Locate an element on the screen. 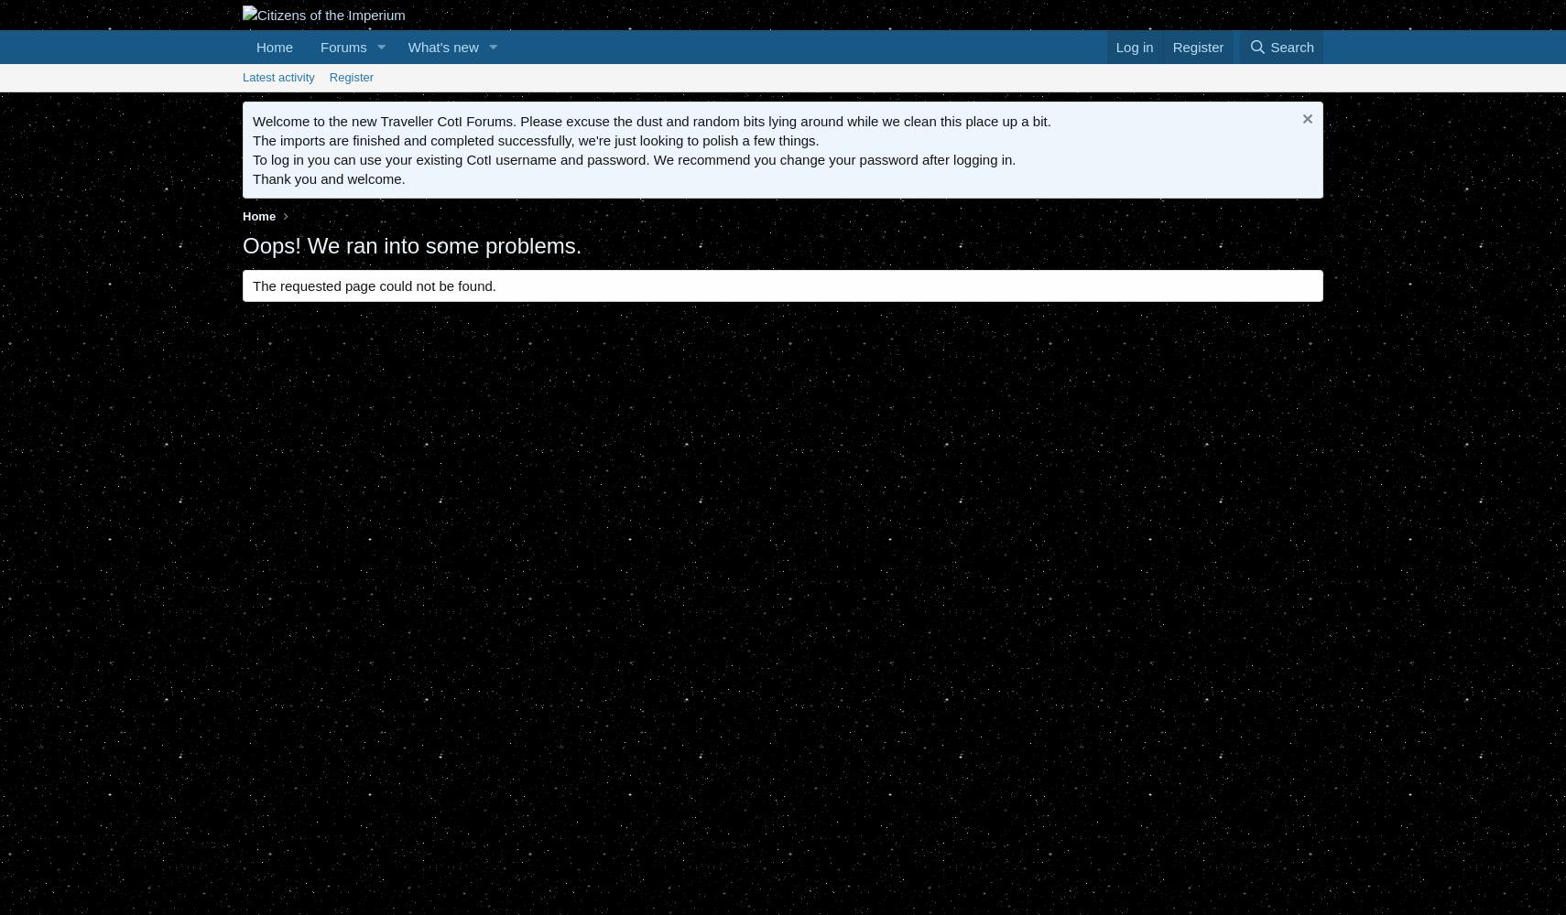 The height and width of the screenshot is (915, 1566). 'To log in you can use your existing CotI username and password. We recommend you change your password after logging in.' is located at coordinates (634, 159).